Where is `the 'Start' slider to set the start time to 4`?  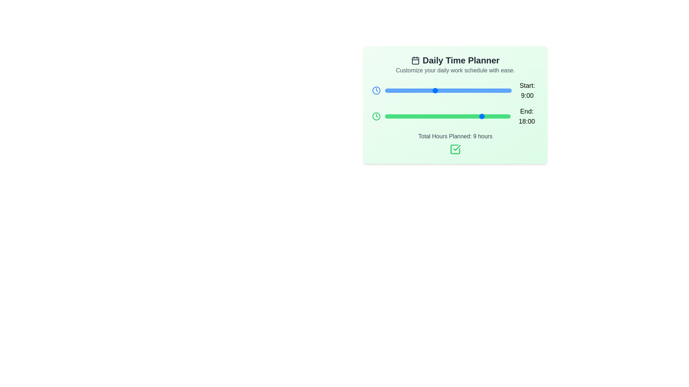 the 'Start' slider to set the start time to 4 is located at coordinates (407, 90).